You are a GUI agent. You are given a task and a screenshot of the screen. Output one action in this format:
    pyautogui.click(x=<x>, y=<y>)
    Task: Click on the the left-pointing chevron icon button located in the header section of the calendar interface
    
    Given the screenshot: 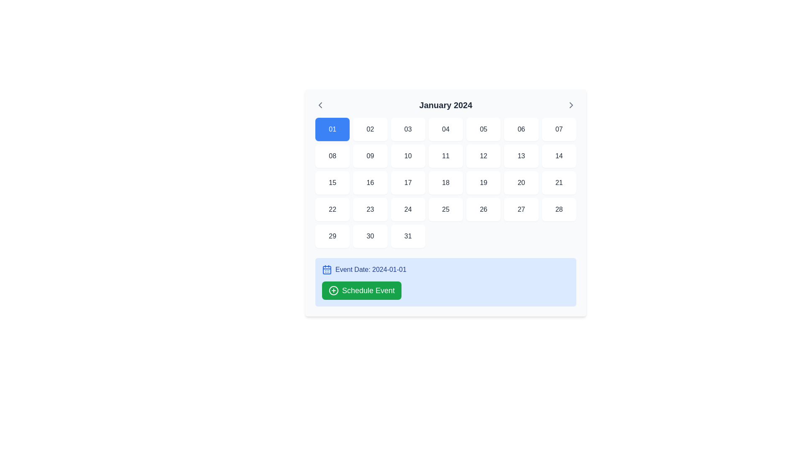 What is the action you would take?
    pyautogui.click(x=320, y=104)
    